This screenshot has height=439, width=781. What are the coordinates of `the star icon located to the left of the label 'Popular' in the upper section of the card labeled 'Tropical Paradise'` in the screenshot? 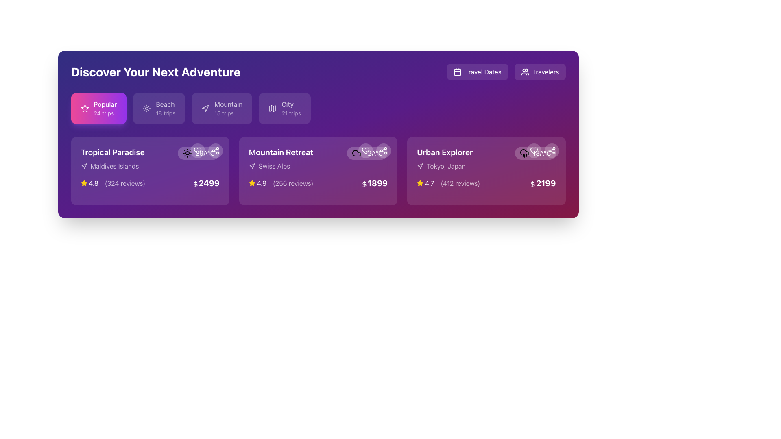 It's located at (85, 108).